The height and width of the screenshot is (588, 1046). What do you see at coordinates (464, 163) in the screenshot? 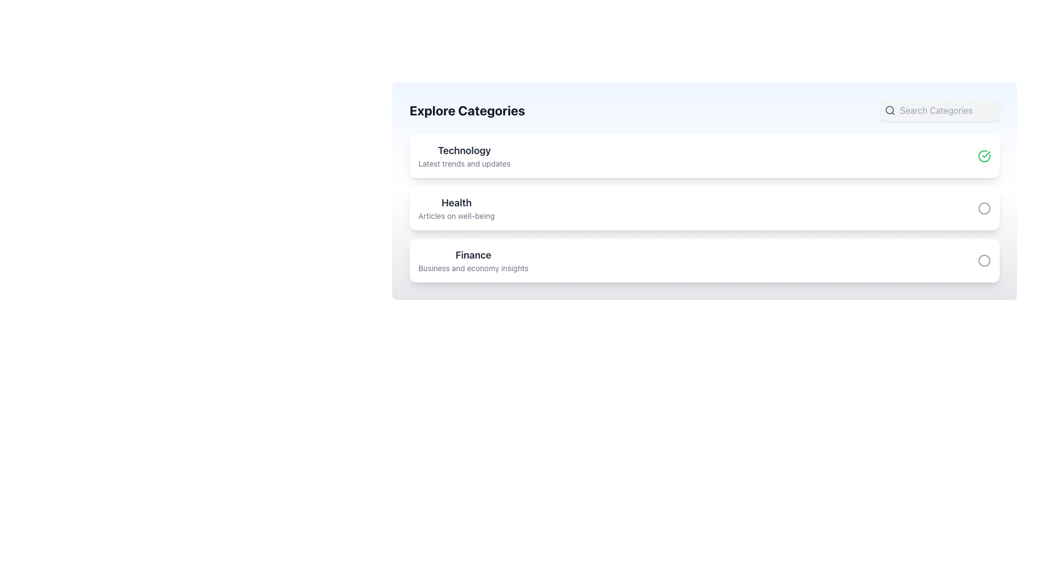
I see `text displayed in the text field showing 'Latest trends and updates', which is positioned below the 'Technology' header` at bounding box center [464, 163].